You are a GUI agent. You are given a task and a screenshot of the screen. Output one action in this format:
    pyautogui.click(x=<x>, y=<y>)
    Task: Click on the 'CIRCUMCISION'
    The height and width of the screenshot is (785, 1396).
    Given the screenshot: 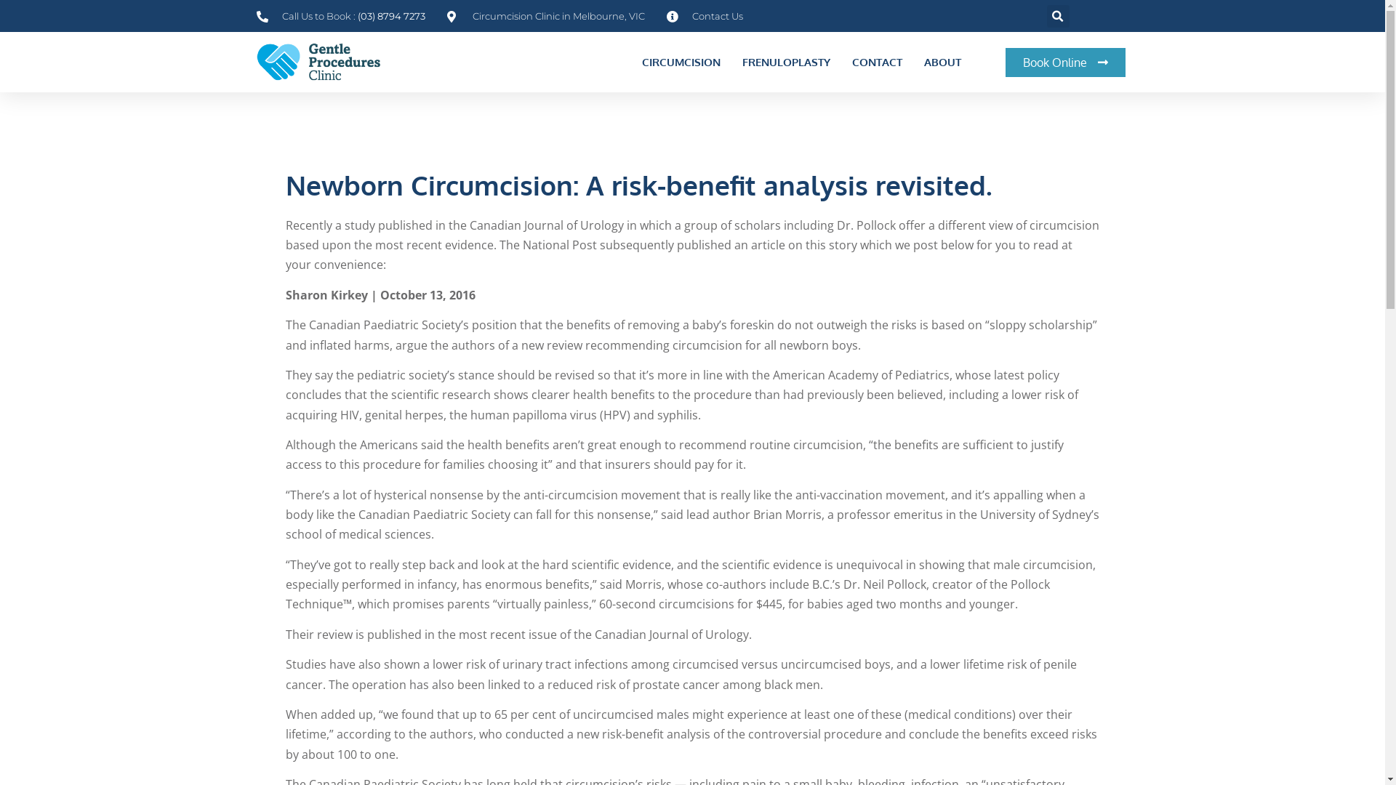 What is the action you would take?
    pyautogui.click(x=631, y=61)
    